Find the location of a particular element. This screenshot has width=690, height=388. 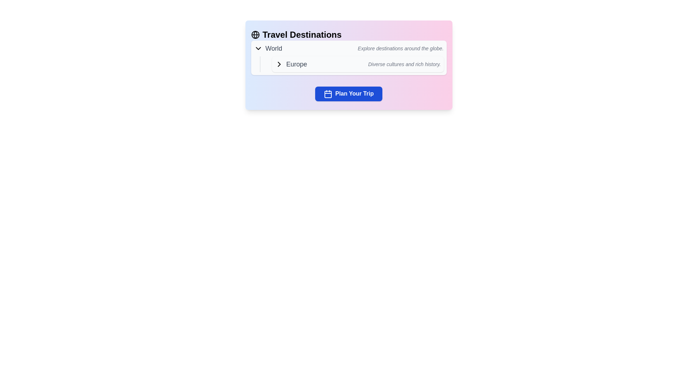

the selectable list item labeled 'Europe' which is the first item under 'World' in the 'Travel Destinations' section is located at coordinates (358, 64).